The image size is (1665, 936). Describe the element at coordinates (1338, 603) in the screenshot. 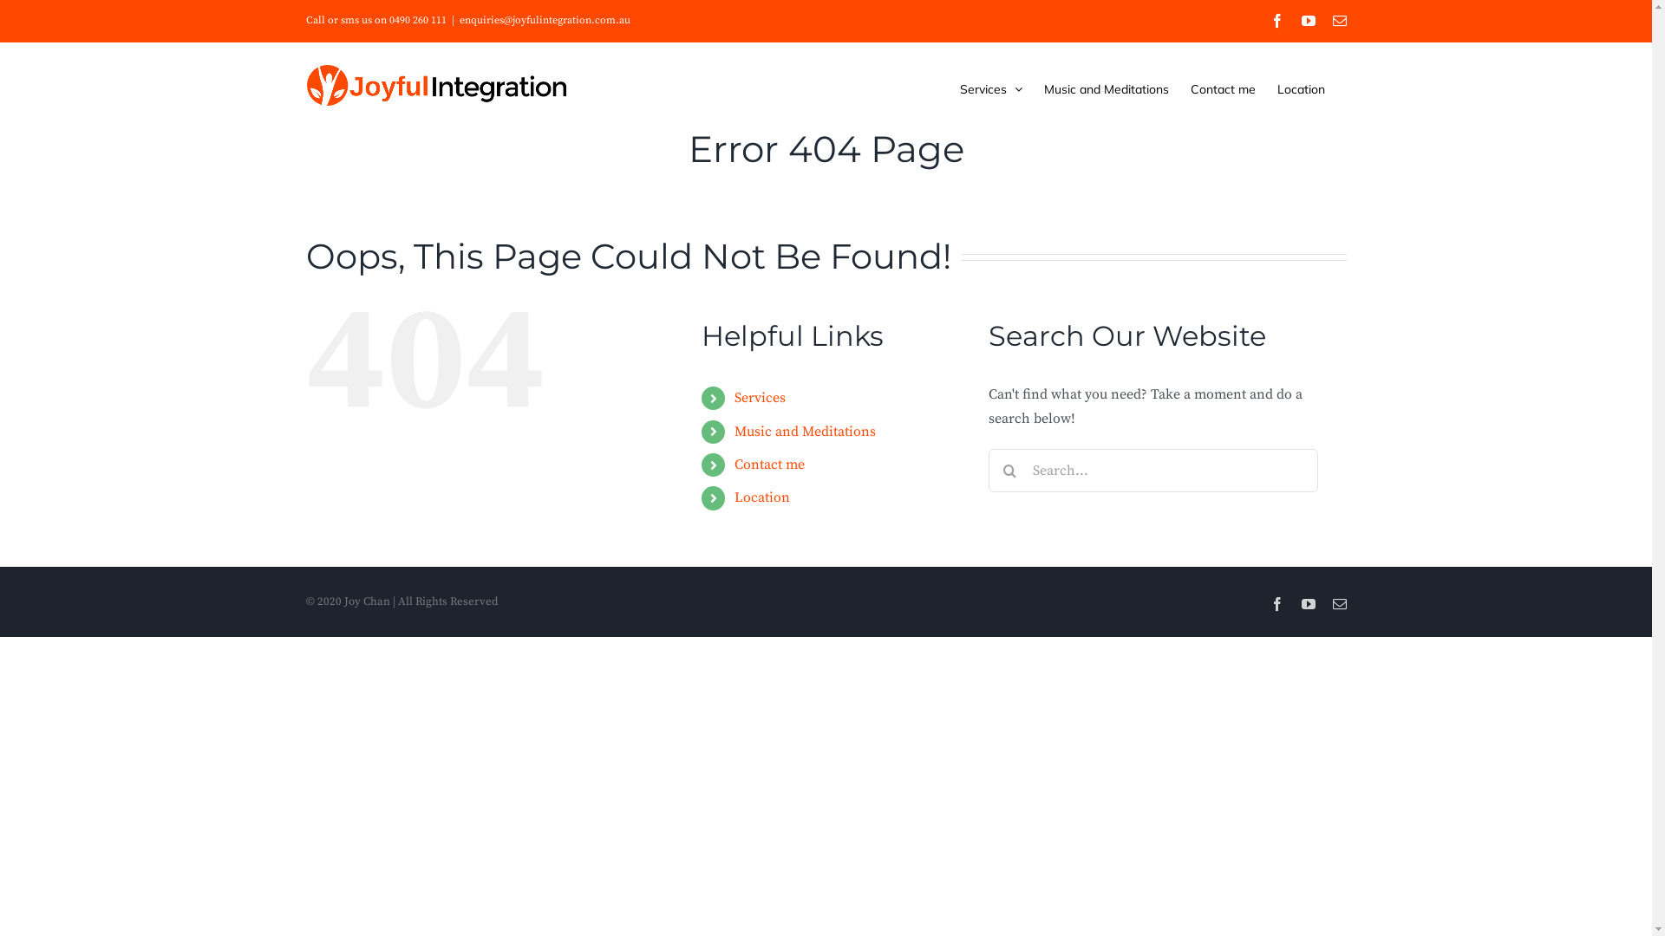

I see `'Email'` at that location.